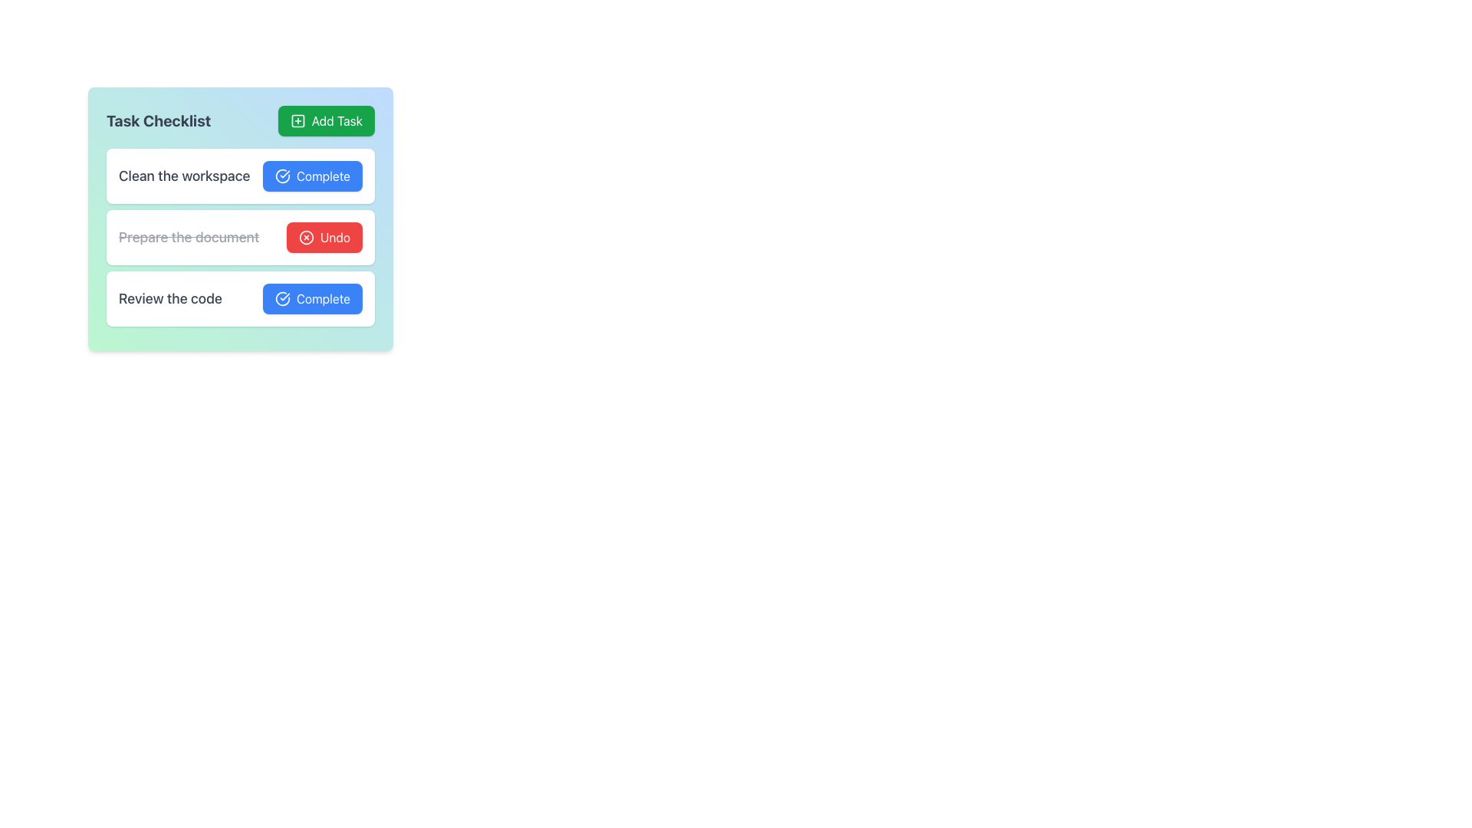 The width and height of the screenshot is (1472, 828). Describe the element at coordinates (324, 237) in the screenshot. I see `the red 'Undo' button with a white 'X' icon located within the 'Prepare the document' card in the 'Task Checklist'` at that location.